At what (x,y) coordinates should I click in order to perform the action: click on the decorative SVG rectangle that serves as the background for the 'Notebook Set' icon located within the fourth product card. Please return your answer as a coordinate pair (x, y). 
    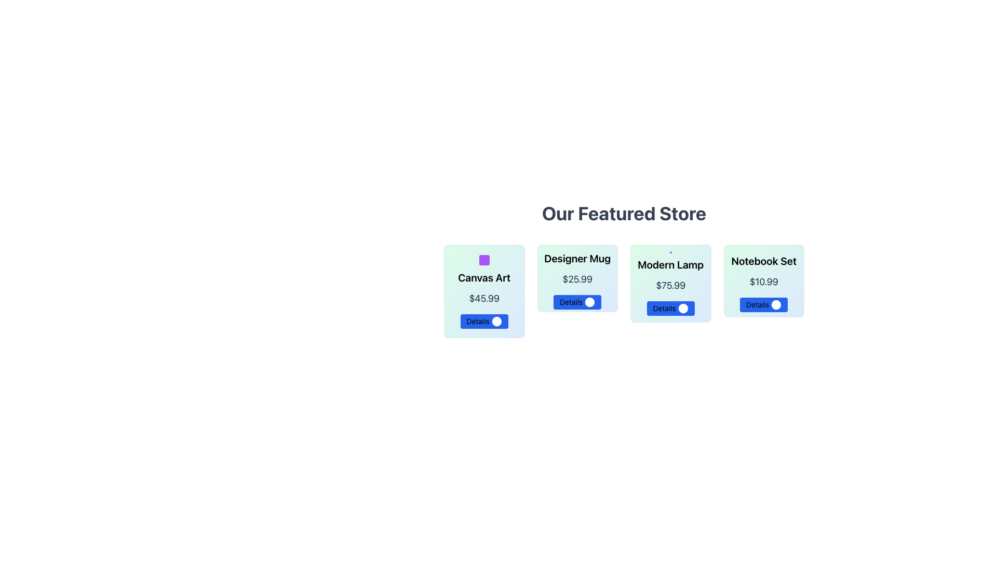
    Looking at the image, I should click on (764, 256).